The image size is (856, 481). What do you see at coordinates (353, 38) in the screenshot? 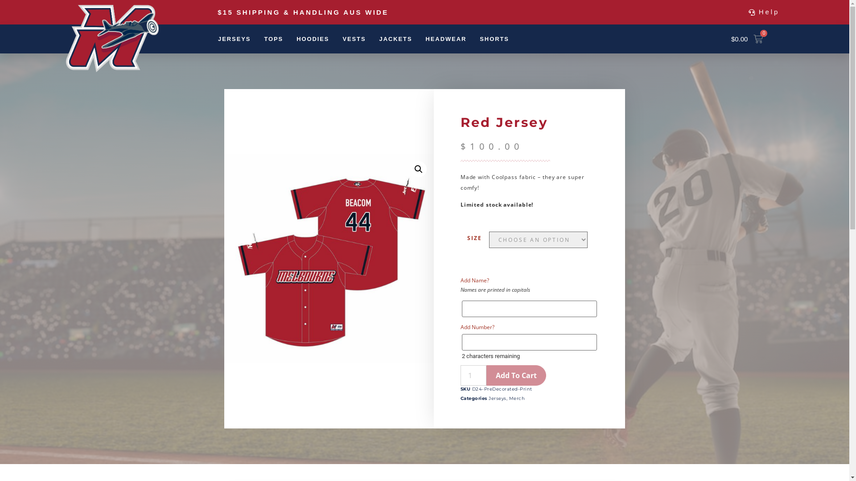
I see `'VESTS'` at bounding box center [353, 38].